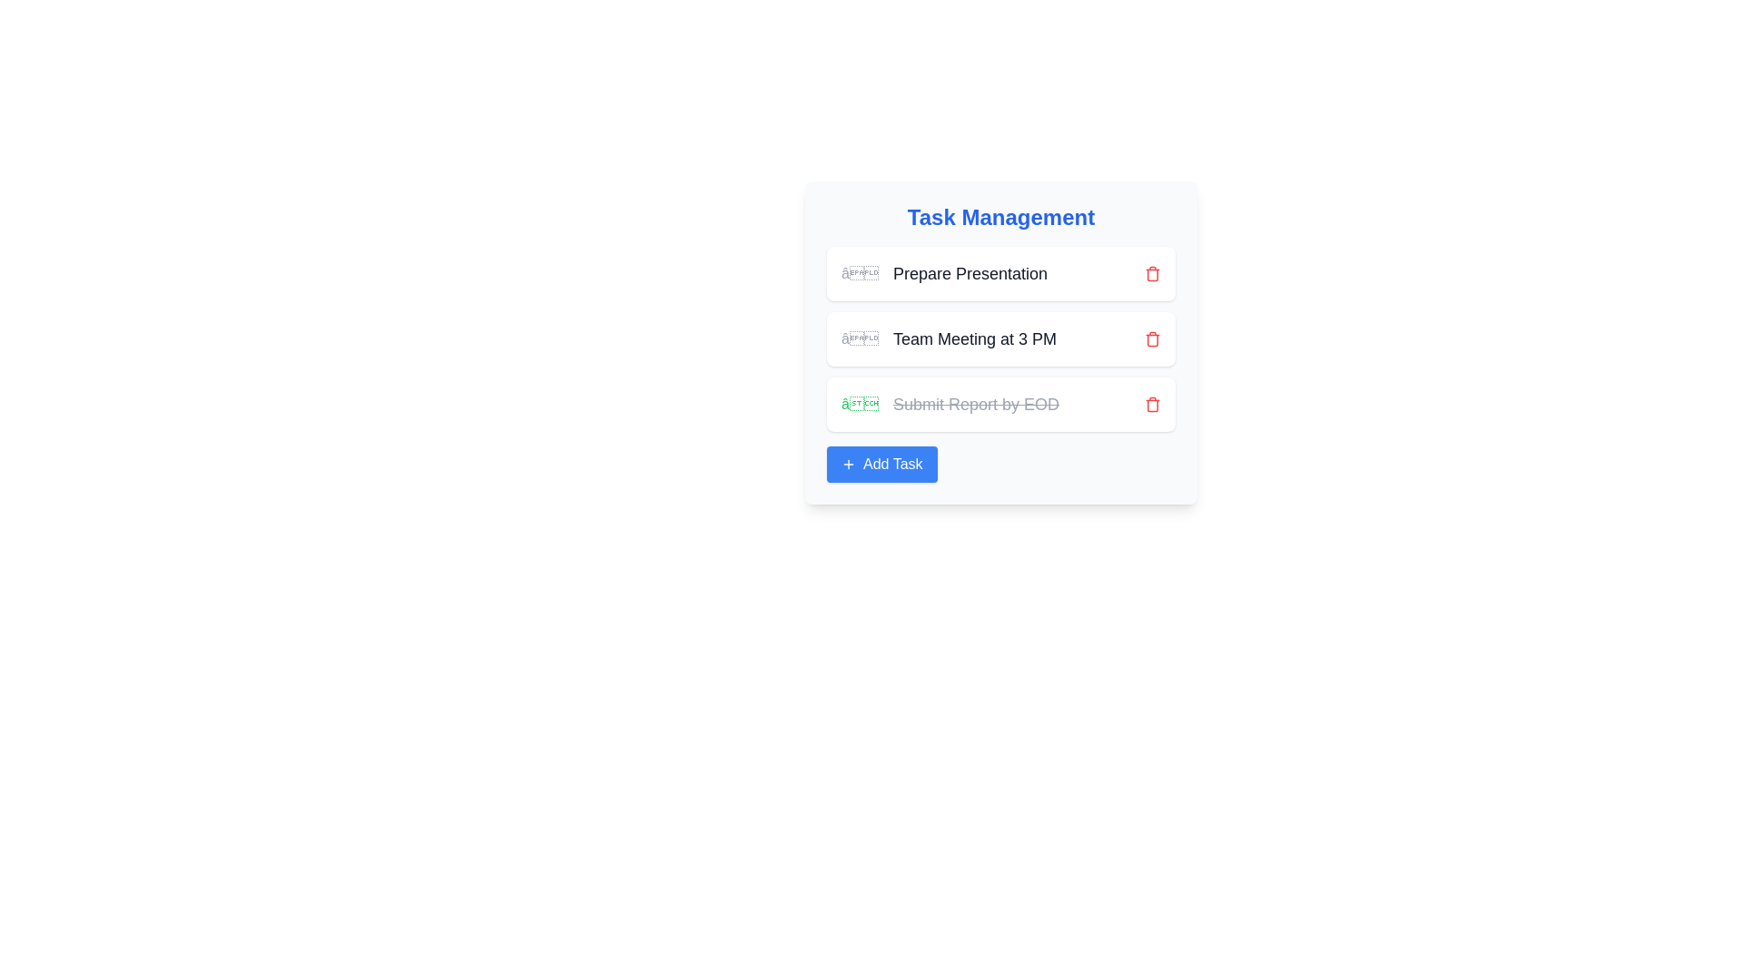  Describe the element at coordinates (949, 404) in the screenshot. I see `the text label with a green checkmark that says 'Submit Report by EOD', styled with strikethrough formatting, indicating completion, located in the third task row under 'Task Management'` at that location.